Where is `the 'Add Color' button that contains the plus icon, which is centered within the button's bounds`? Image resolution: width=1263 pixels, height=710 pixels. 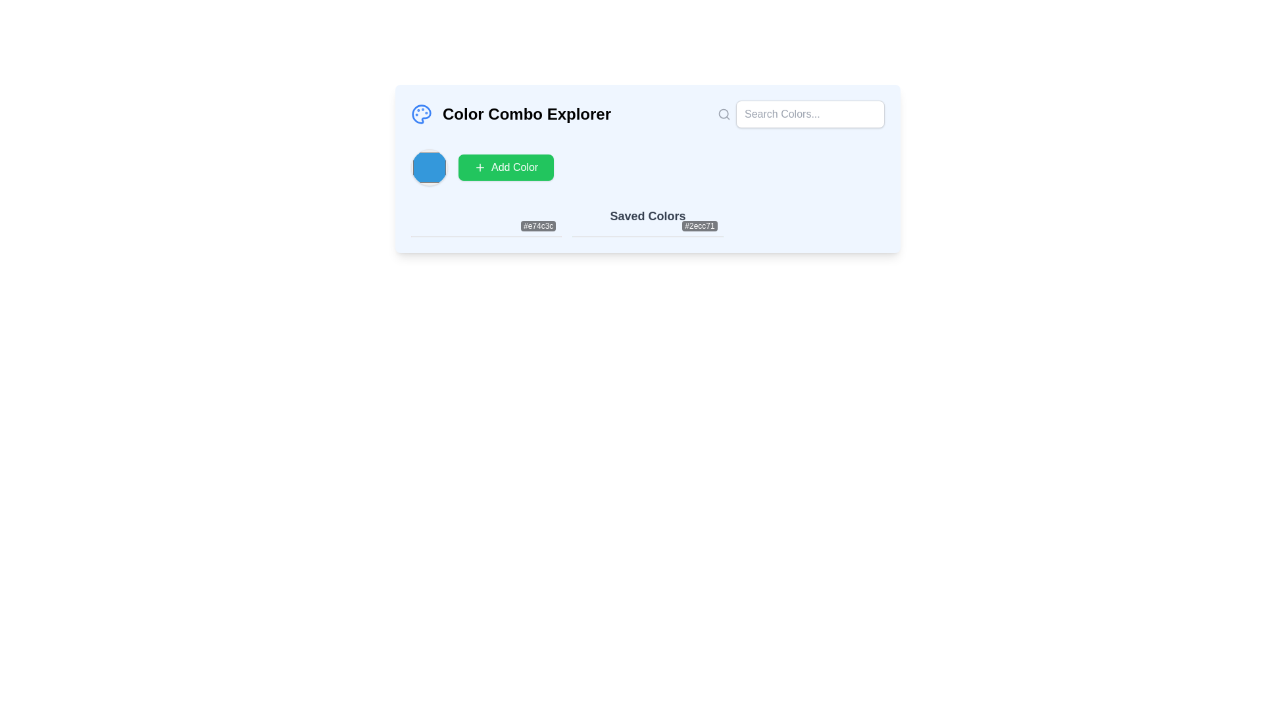
the 'Add Color' button that contains the plus icon, which is centered within the button's bounds is located at coordinates (479, 166).